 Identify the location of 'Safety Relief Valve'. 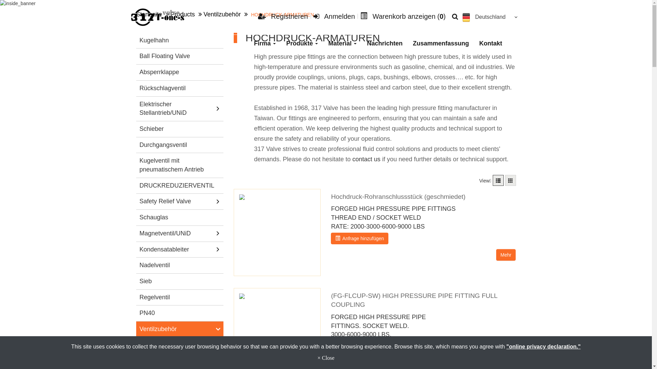
(137, 201).